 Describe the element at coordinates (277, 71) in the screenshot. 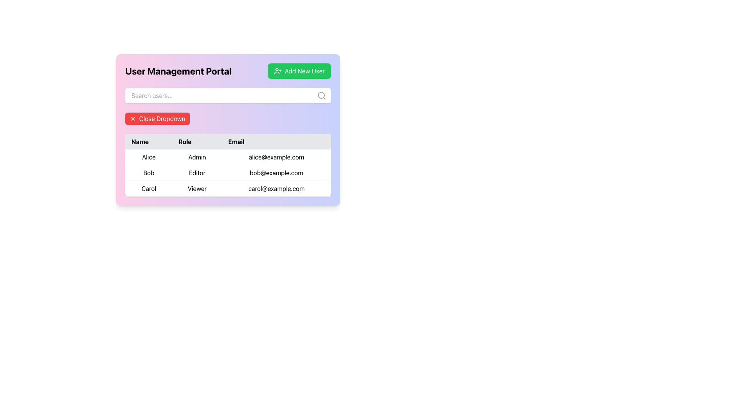

I see `the user avatar icon with a plus sign located within the 'Add New User' button at the top-right corner of the interface` at that location.